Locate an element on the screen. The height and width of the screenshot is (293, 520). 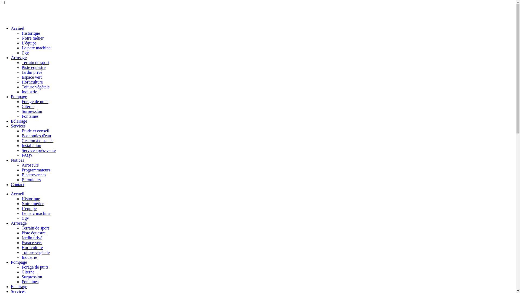
'Forage de puits' is located at coordinates (35, 267).